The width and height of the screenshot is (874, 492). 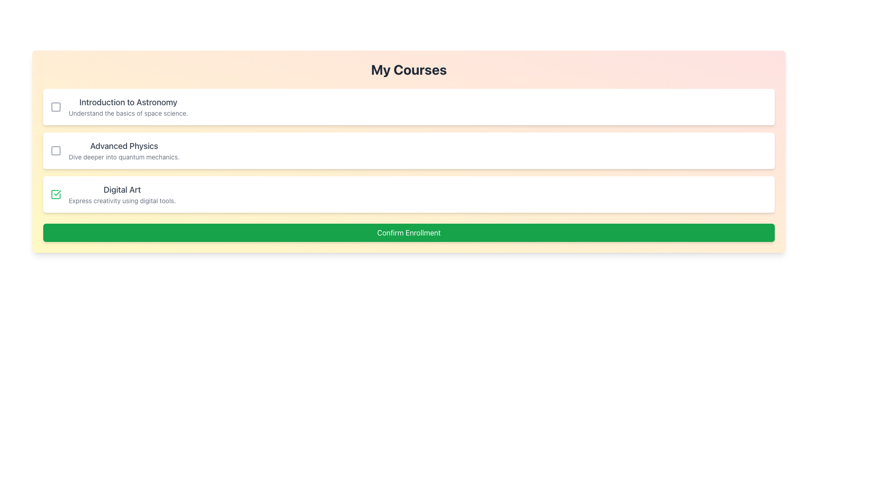 What do you see at coordinates (408, 194) in the screenshot?
I see `the title 'Digital Art' in the Checkbox list item` at bounding box center [408, 194].